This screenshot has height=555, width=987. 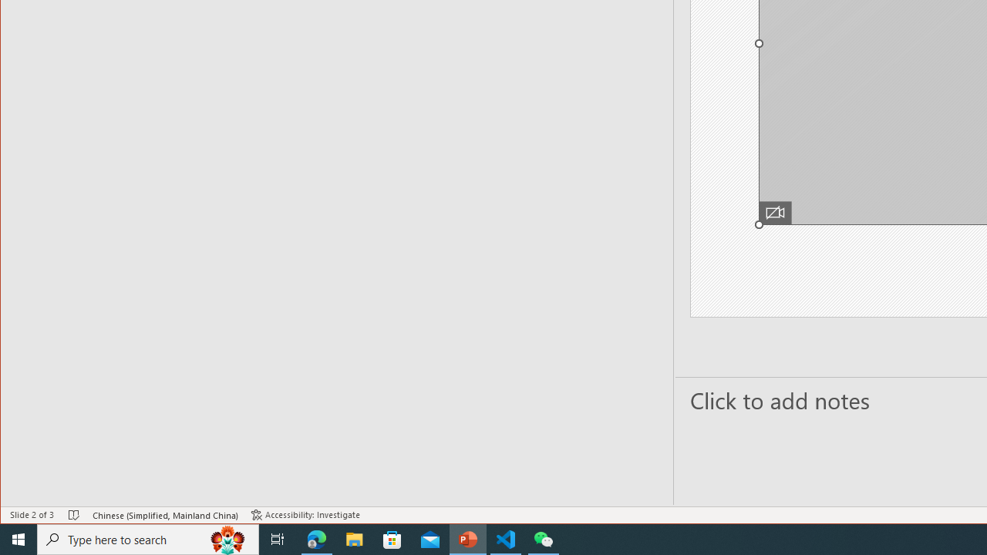 What do you see at coordinates (19, 538) in the screenshot?
I see `'Start'` at bounding box center [19, 538].